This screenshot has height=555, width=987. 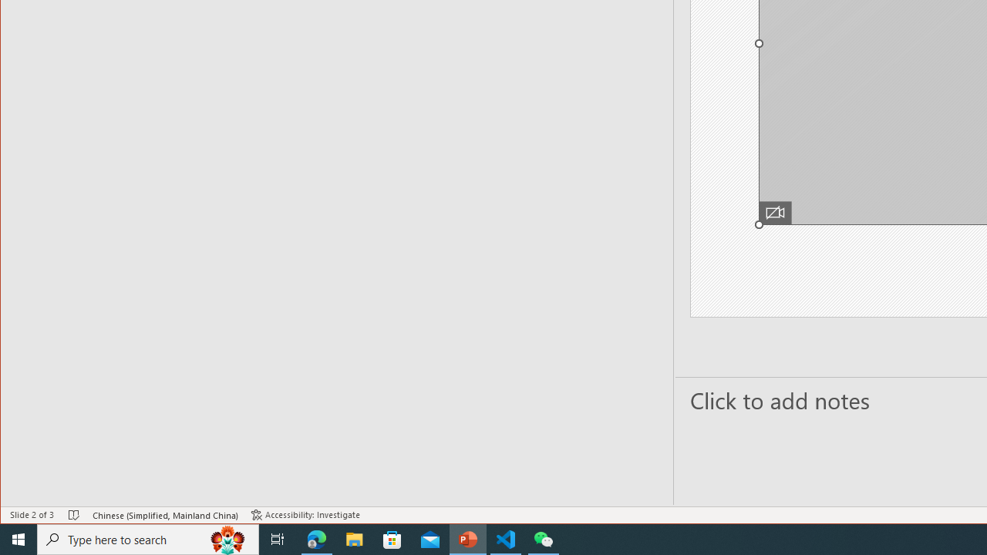 What do you see at coordinates (19, 538) in the screenshot?
I see `'Start'` at bounding box center [19, 538].